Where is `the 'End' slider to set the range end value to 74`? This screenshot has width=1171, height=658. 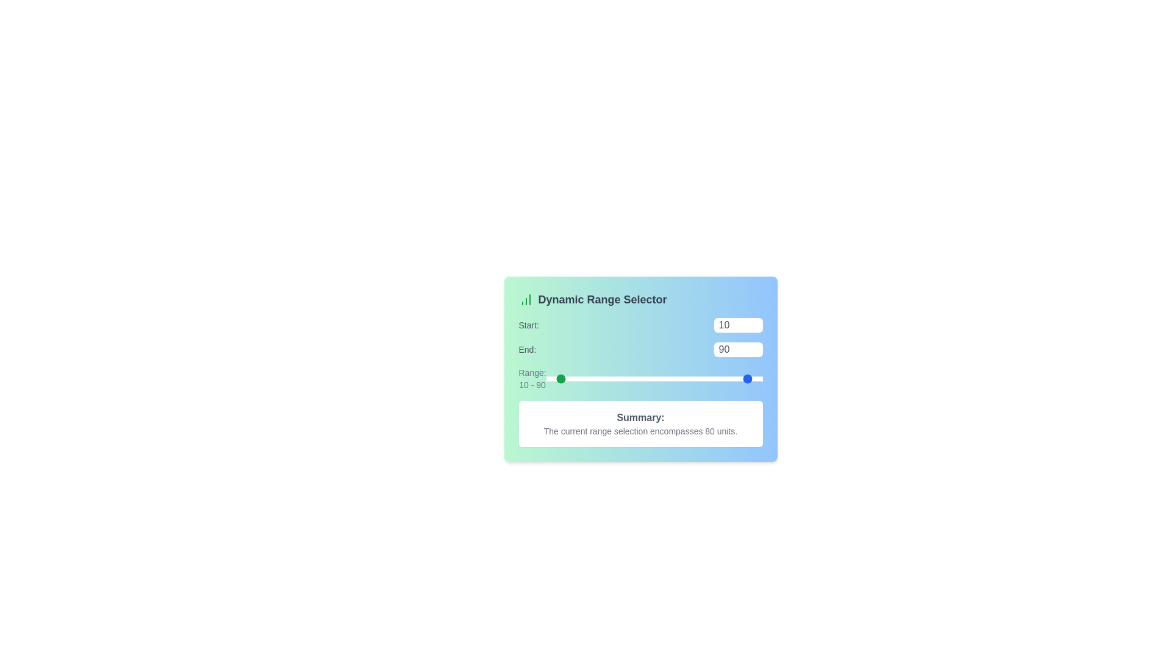
the 'End' slider to set the range end value to 74 is located at coordinates (734, 378).